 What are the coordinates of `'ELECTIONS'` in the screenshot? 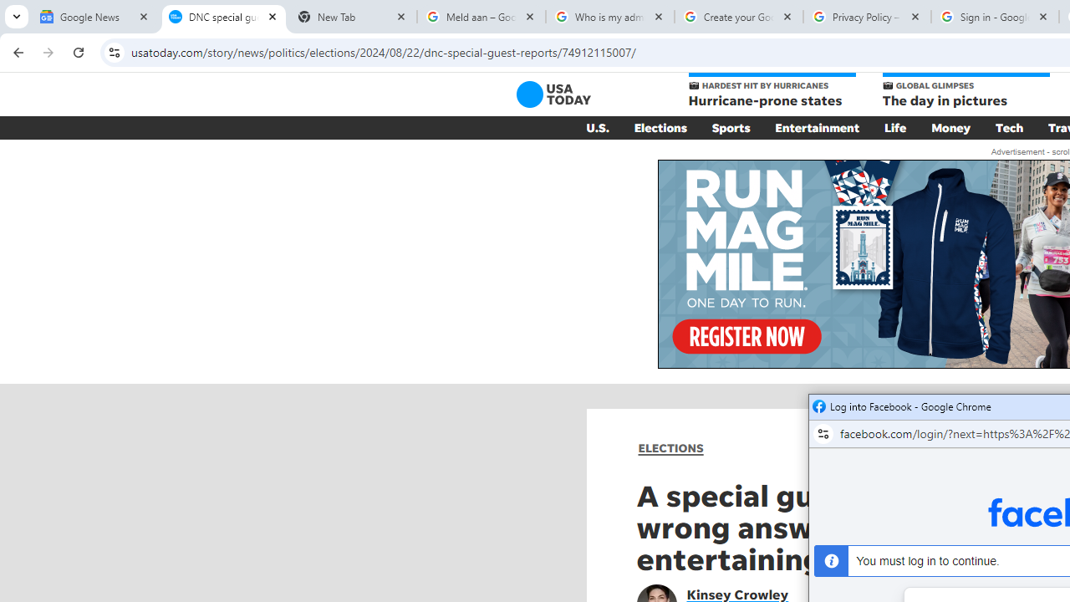 It's located at (670, 447).